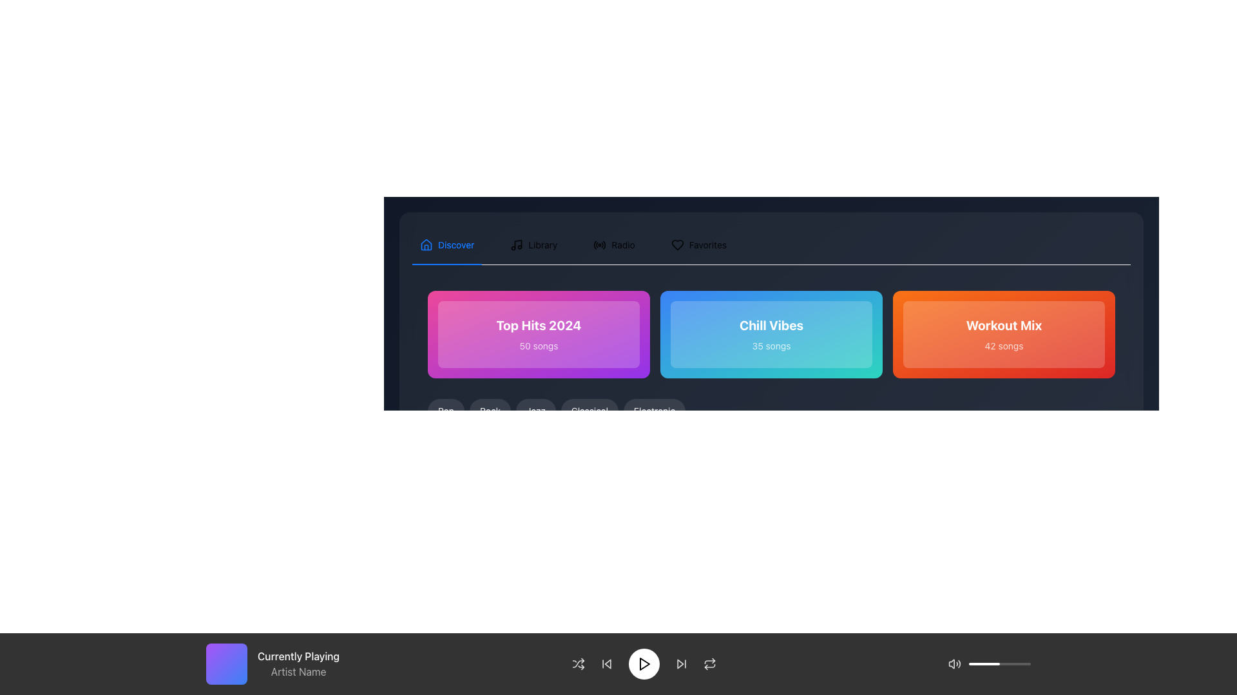 Image resolution: width=1237 pixels, height=695 pixels. What do you see at coordinates (298, 664) in the screenshot?
I see `the text display element showing 'Currently Playing'` at bounding box center [298, 664].